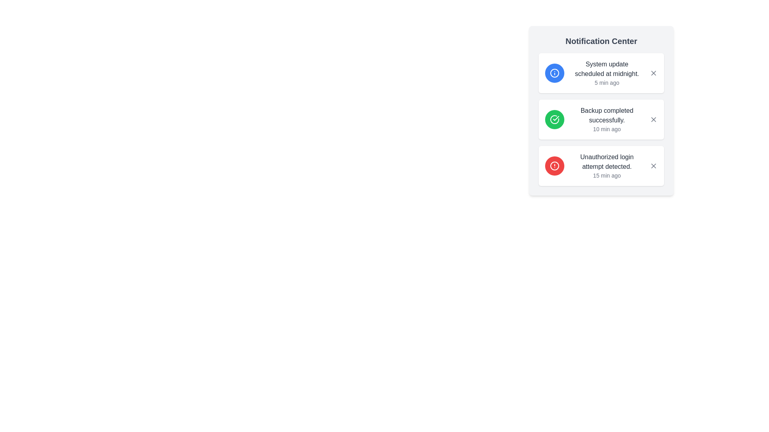 This screenshot has width=769, height=432. What do you see at coordinates (607, 166) in the screenshot?
I see `the third notification message in the Notification Center which alerts about an unauthorized login attempt` at bounding box center [607, 166].